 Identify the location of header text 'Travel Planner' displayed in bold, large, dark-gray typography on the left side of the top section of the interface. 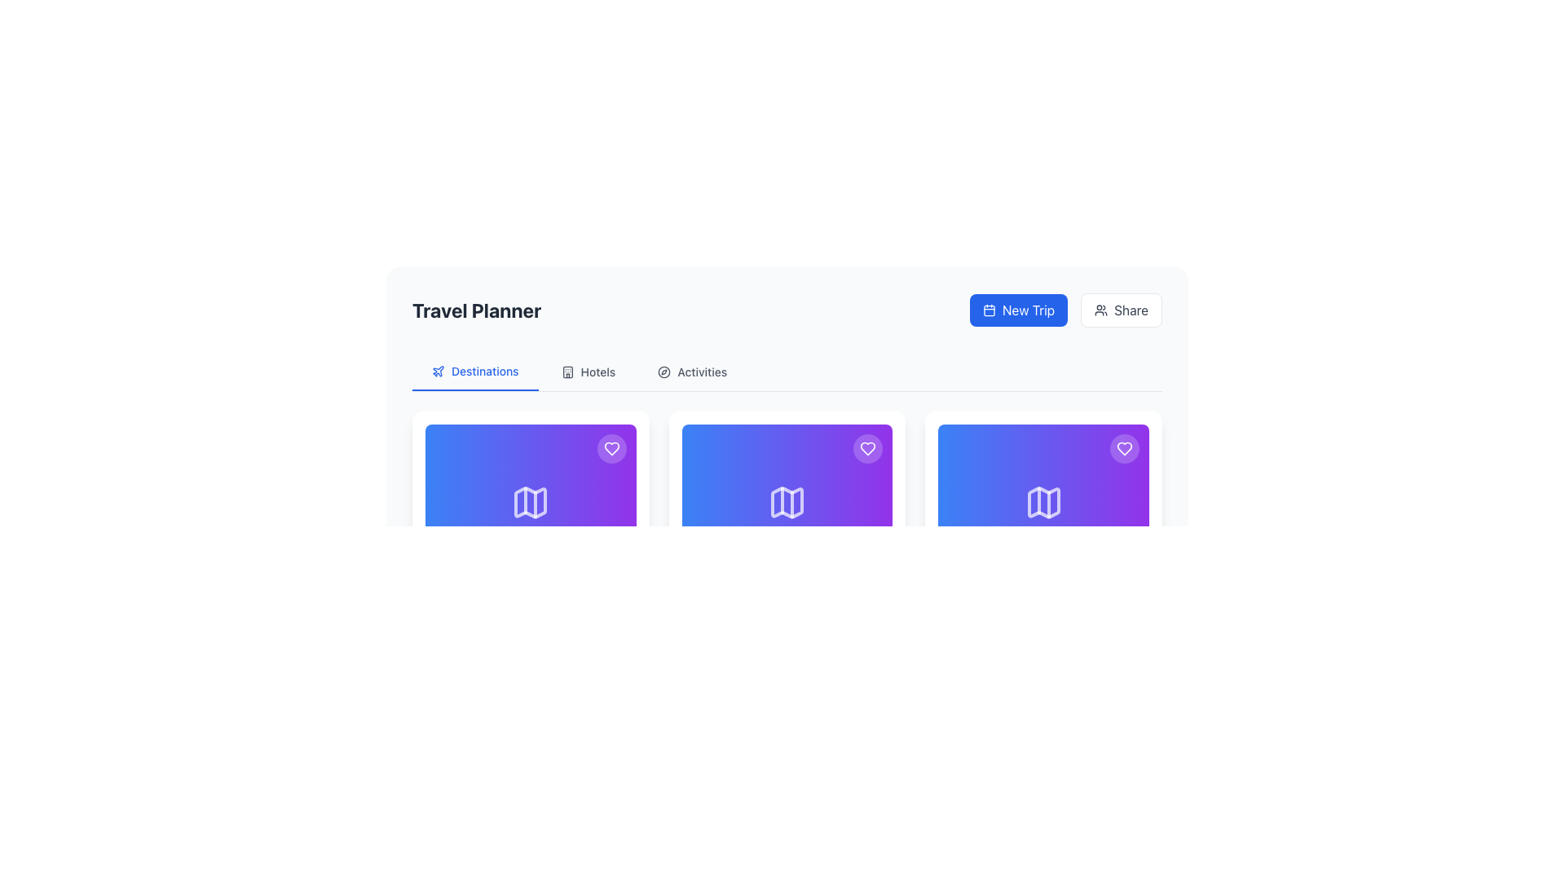
(476, 310).